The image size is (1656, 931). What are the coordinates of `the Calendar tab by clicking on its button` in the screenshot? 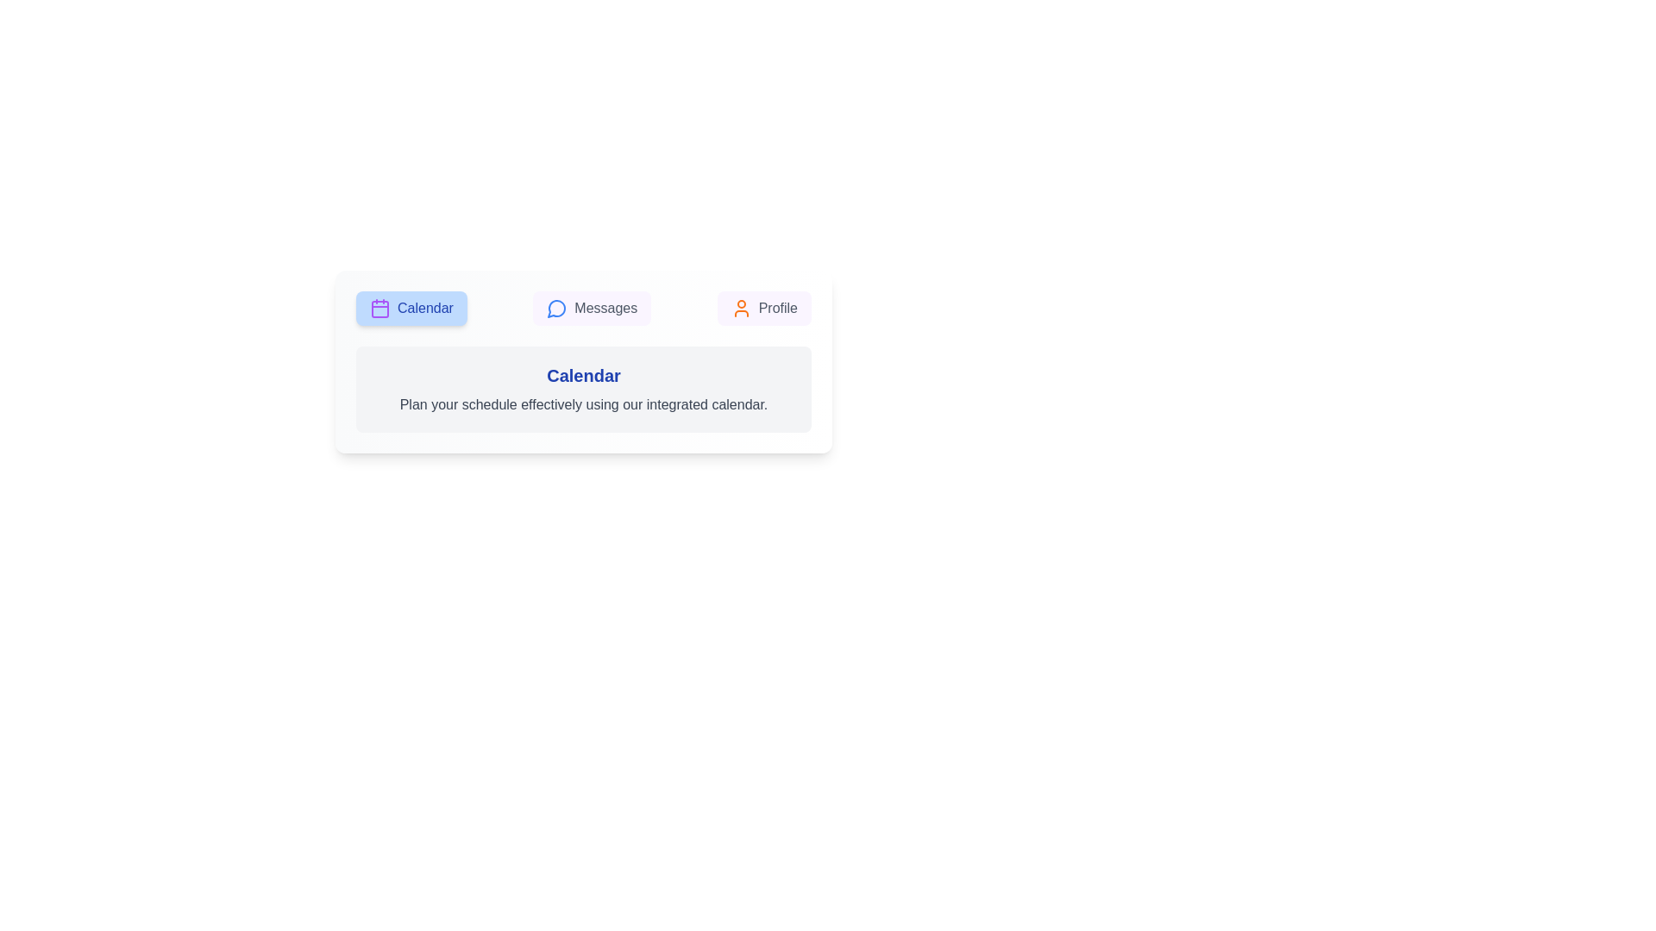 It's located at (410, 308).